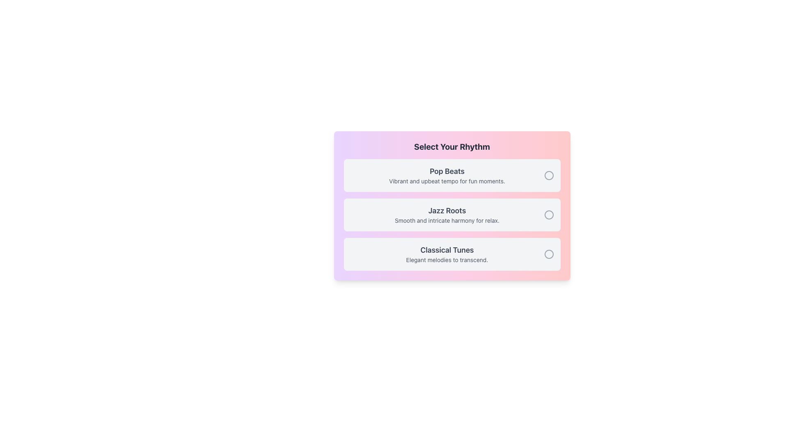  Describe the element at coordinates (549, 254) in the screenshot. I see `the SVG Circle Indicator located in the third option labeled 'Classical Tunes' within a vertical list of selectable items, which has a grey stroke color and resembles a radio button` at that location.